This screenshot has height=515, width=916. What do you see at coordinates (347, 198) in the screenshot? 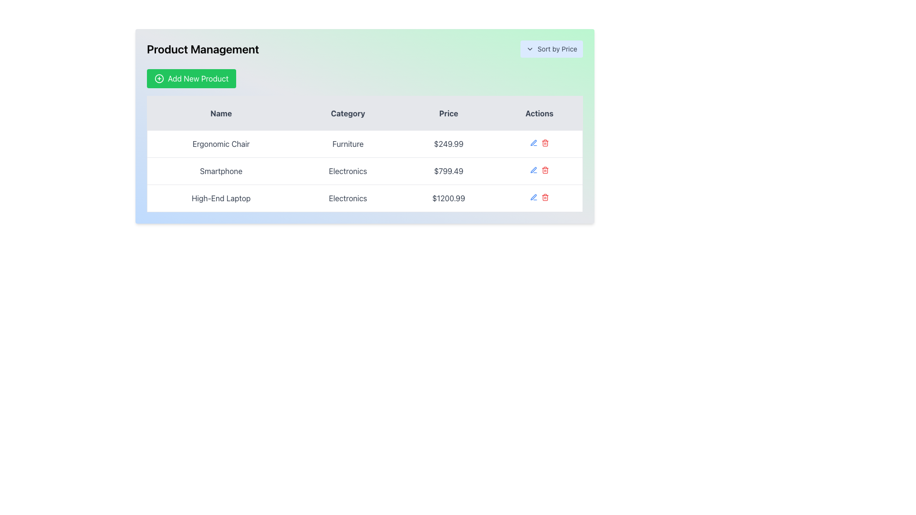
I see `the 'Electronics' text label in the third row of the table under the 'Category' column` at bounding box center [347, 198].